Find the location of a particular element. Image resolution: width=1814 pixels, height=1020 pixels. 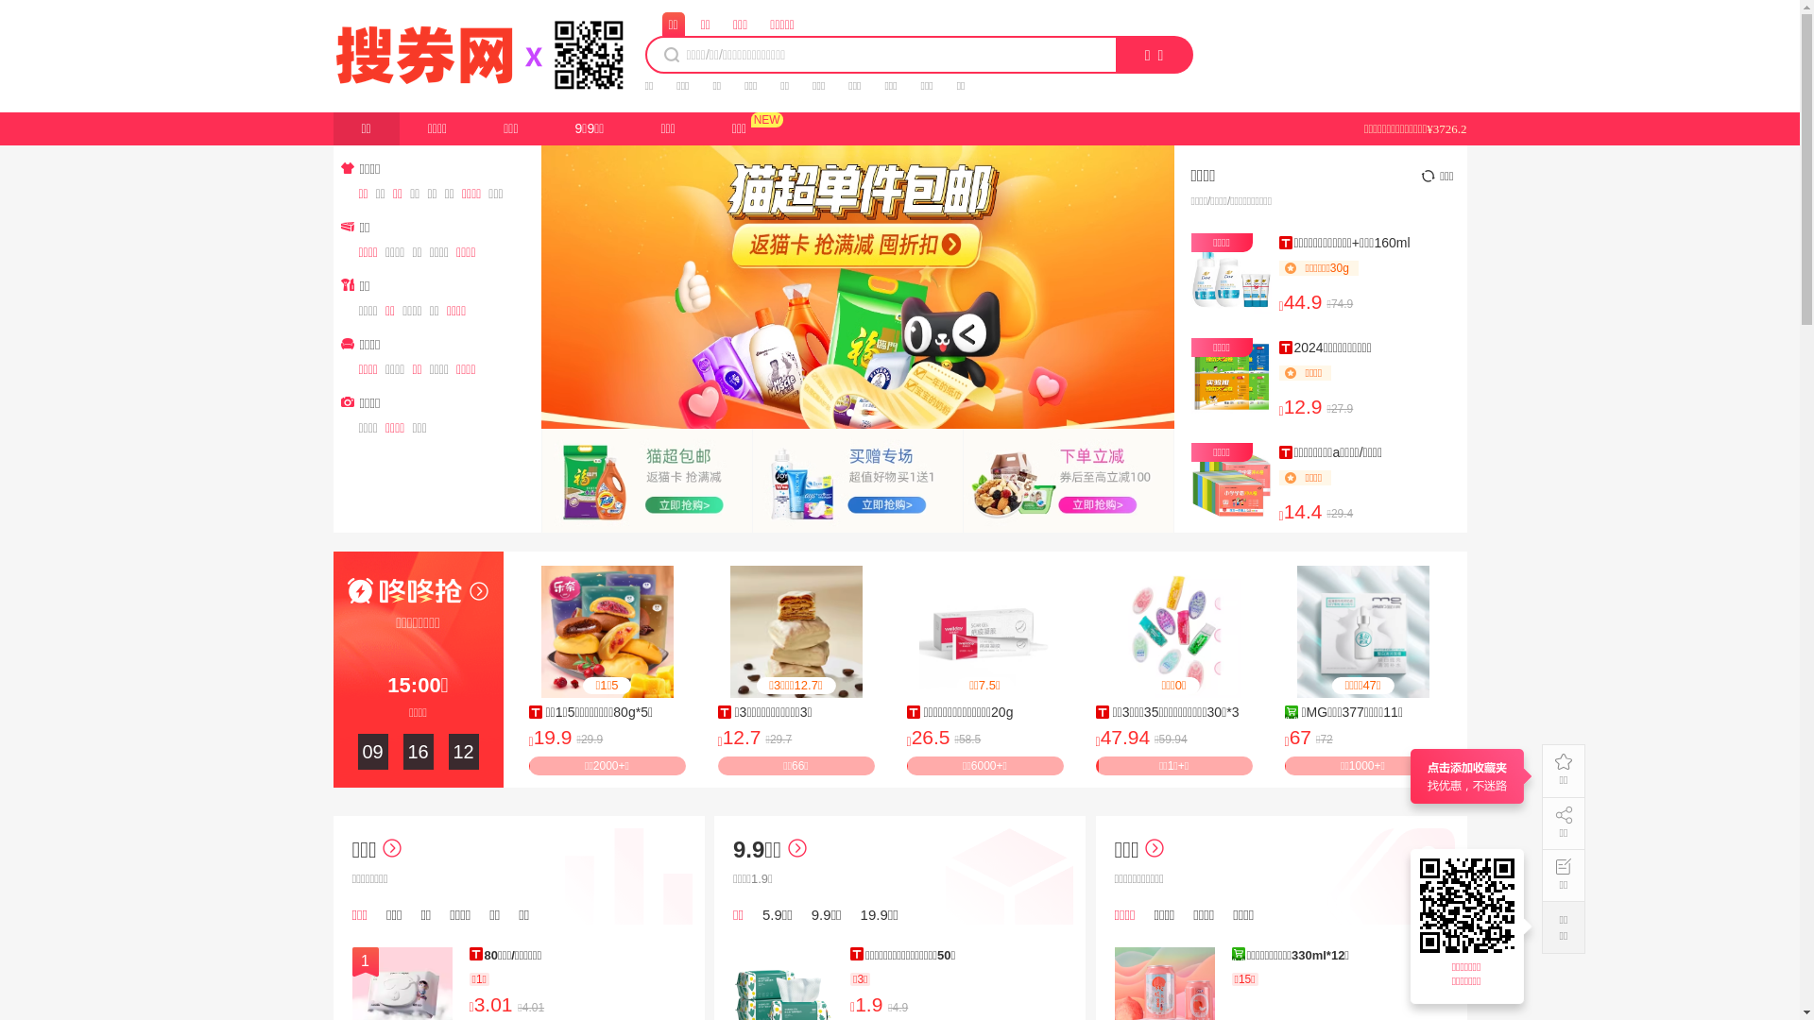

'https://17.souquan.wang' is located at coordinates (1468, 905).